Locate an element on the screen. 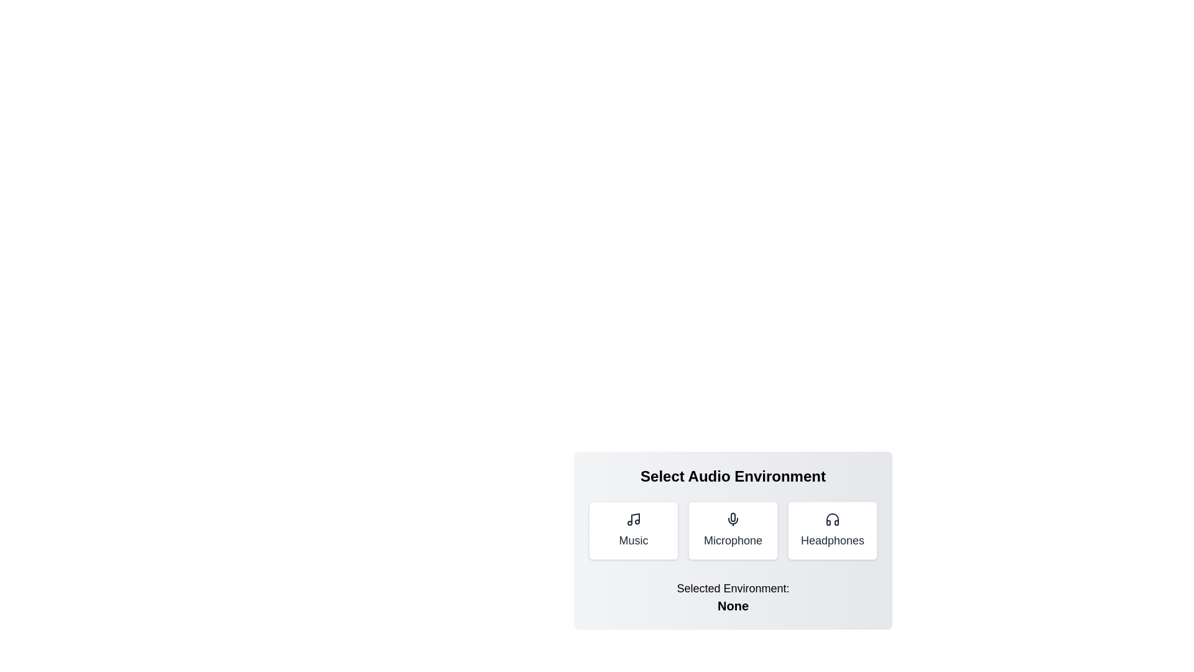 The image size is (1194, 672). the middle button in the audio environment selection panel, which is located beneath the 'Select Audio Environment' heading and above the 'Selected Environment: None' text is located at coordinates (733, 539).